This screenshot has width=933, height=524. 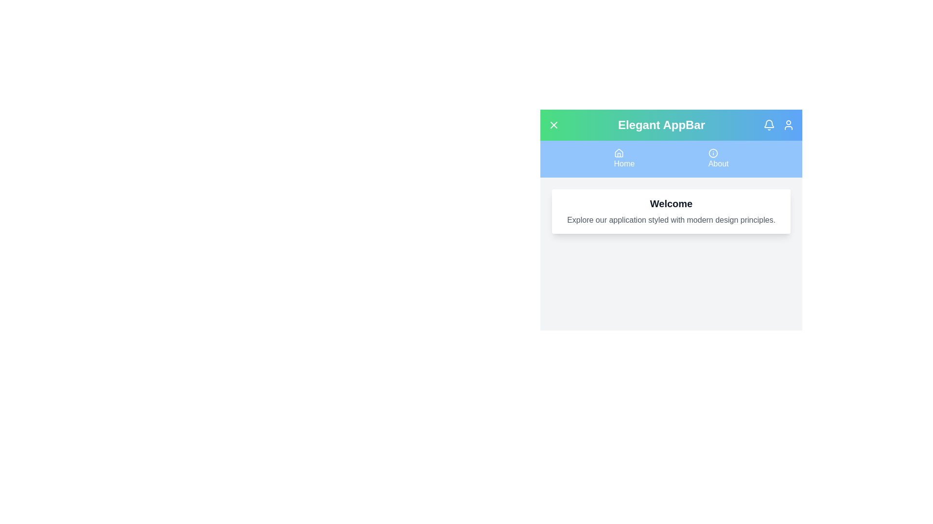 I want to click on the 'User' icon to access user options, so click(x=788, y=125).